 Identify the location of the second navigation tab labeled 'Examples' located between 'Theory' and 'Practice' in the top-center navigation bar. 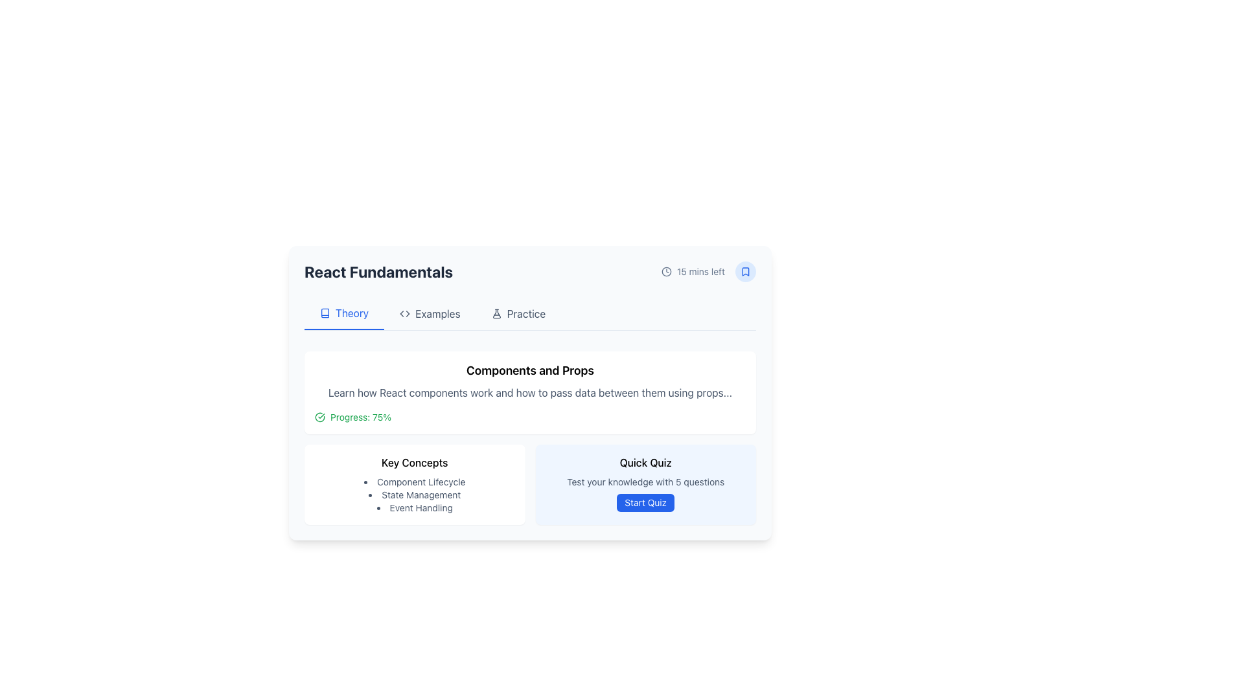
(430, 314).